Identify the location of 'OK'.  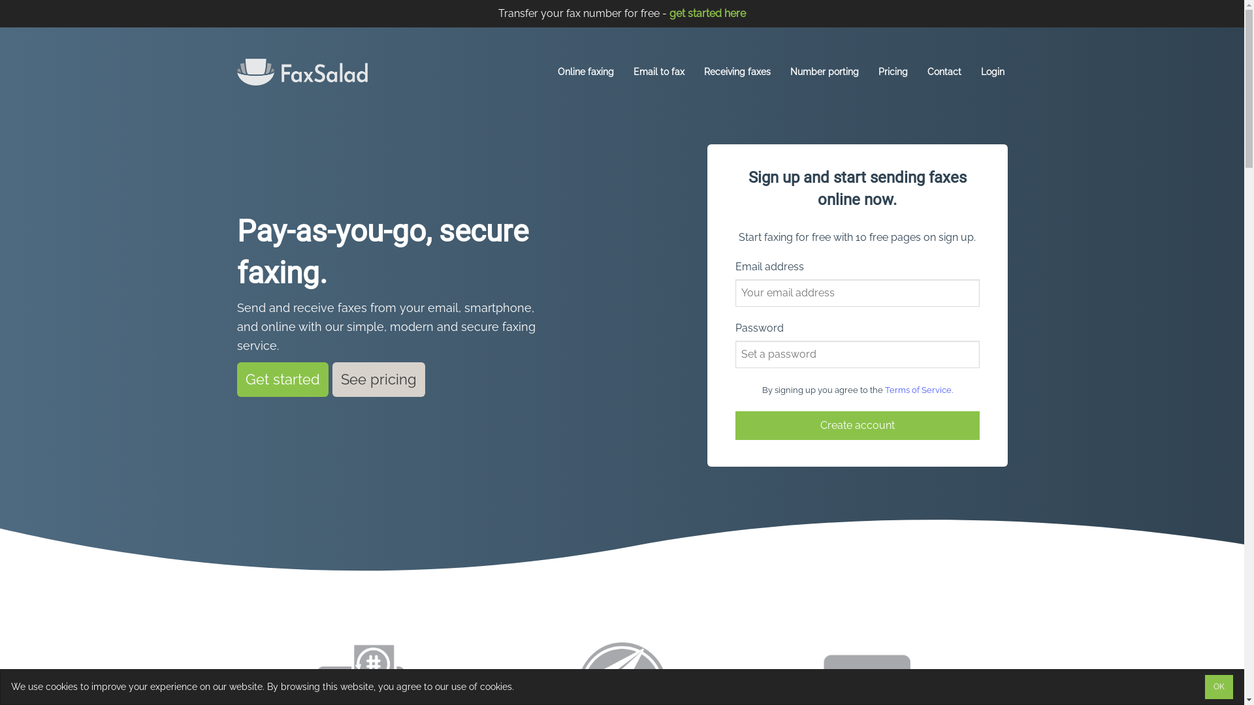
(1218, 686).